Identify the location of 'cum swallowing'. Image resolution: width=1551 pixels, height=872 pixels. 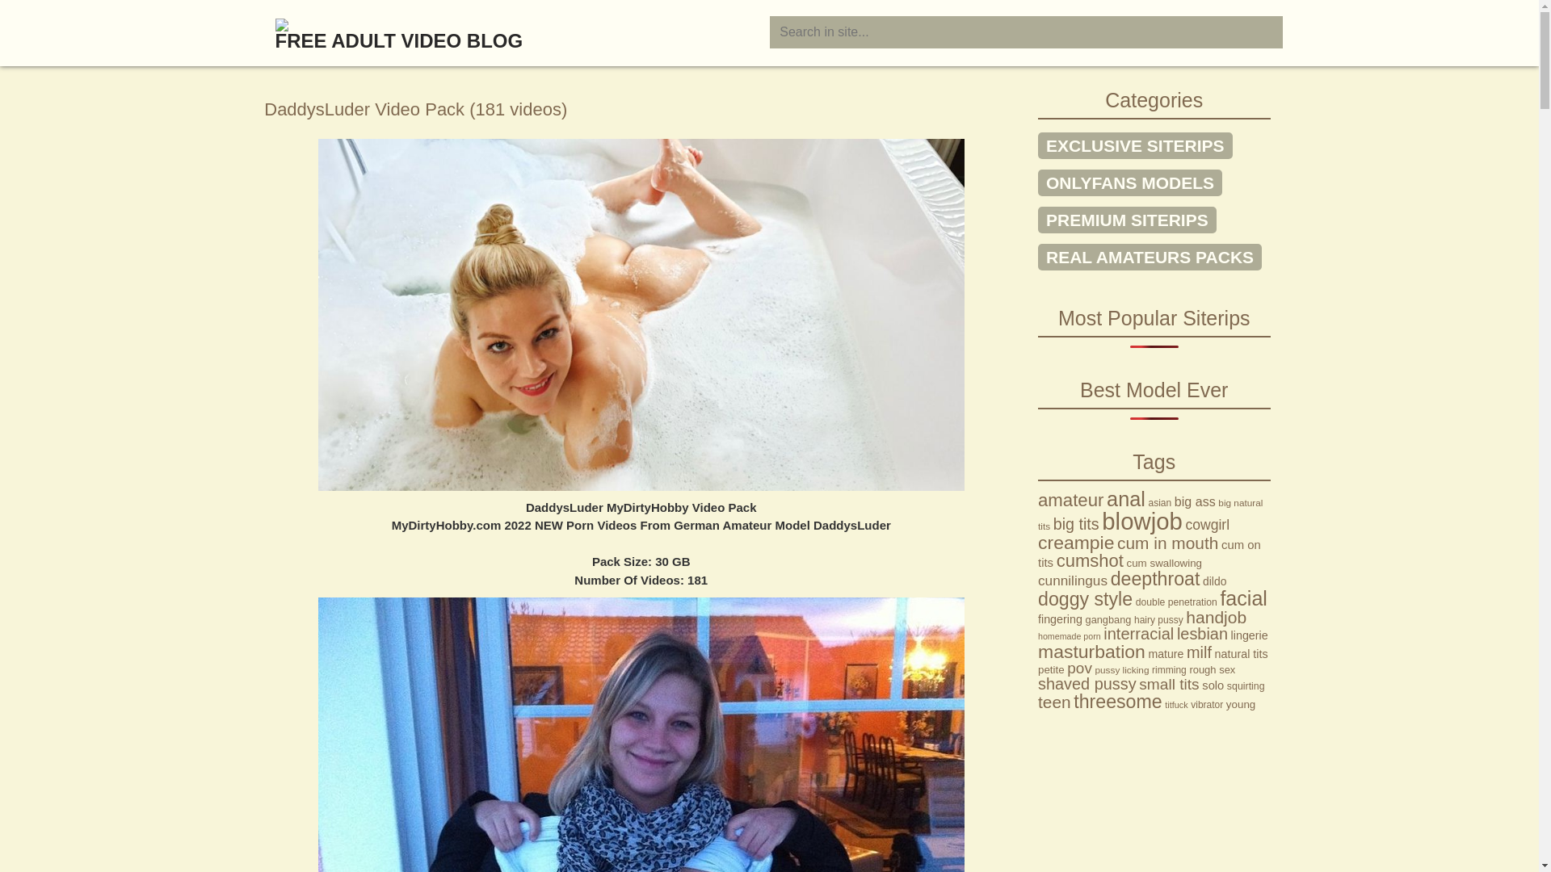
(1163, 562).